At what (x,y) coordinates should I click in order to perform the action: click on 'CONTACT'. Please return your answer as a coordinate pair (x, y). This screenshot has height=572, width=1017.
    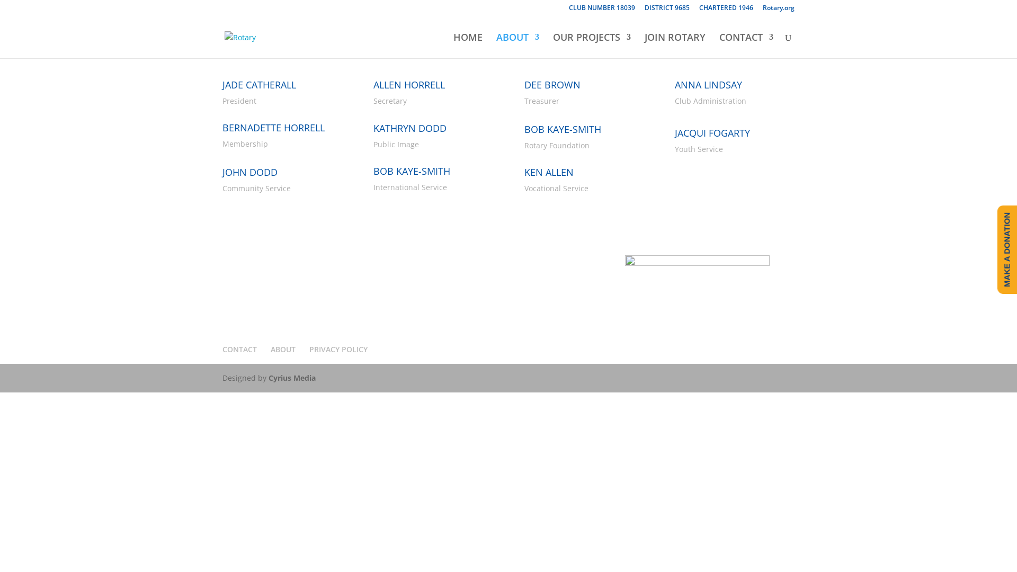
    Looking at the image, I should click on (239, 349).